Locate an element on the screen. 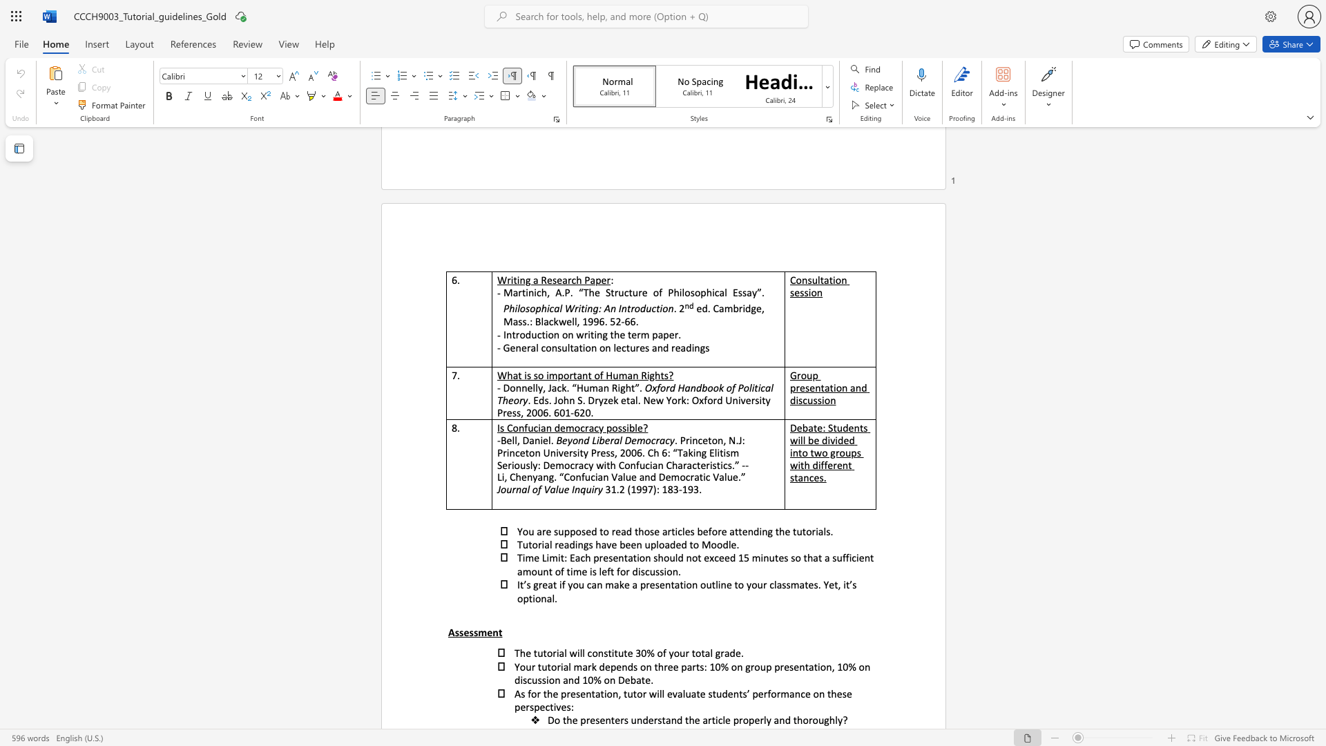 Image resolution: width=1326 pixels, height=746 pixels. the subset text "emocracy possible?" within the text "Is Confucian democracy possible?" is located at coordinates (560, 427).